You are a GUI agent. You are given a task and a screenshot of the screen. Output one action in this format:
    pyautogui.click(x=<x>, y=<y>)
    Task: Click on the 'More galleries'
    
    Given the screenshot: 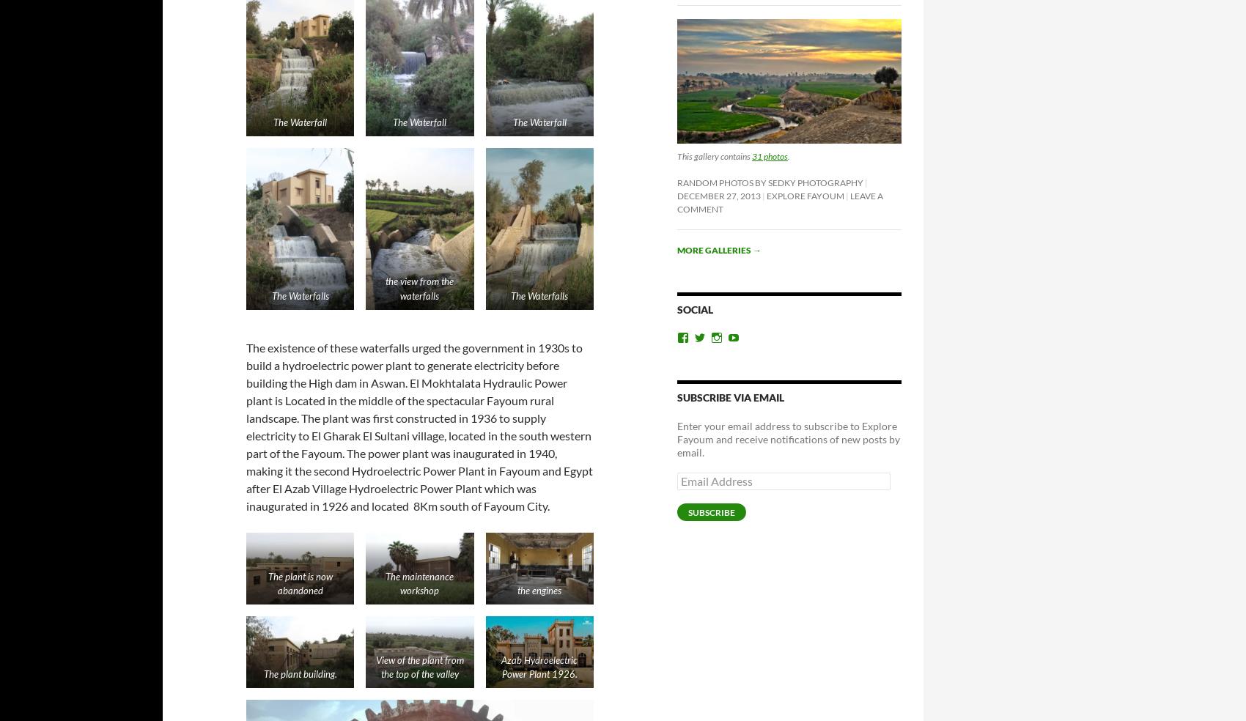 What is the action you would take?
    pyautogui.click(x=677, y=248)
    